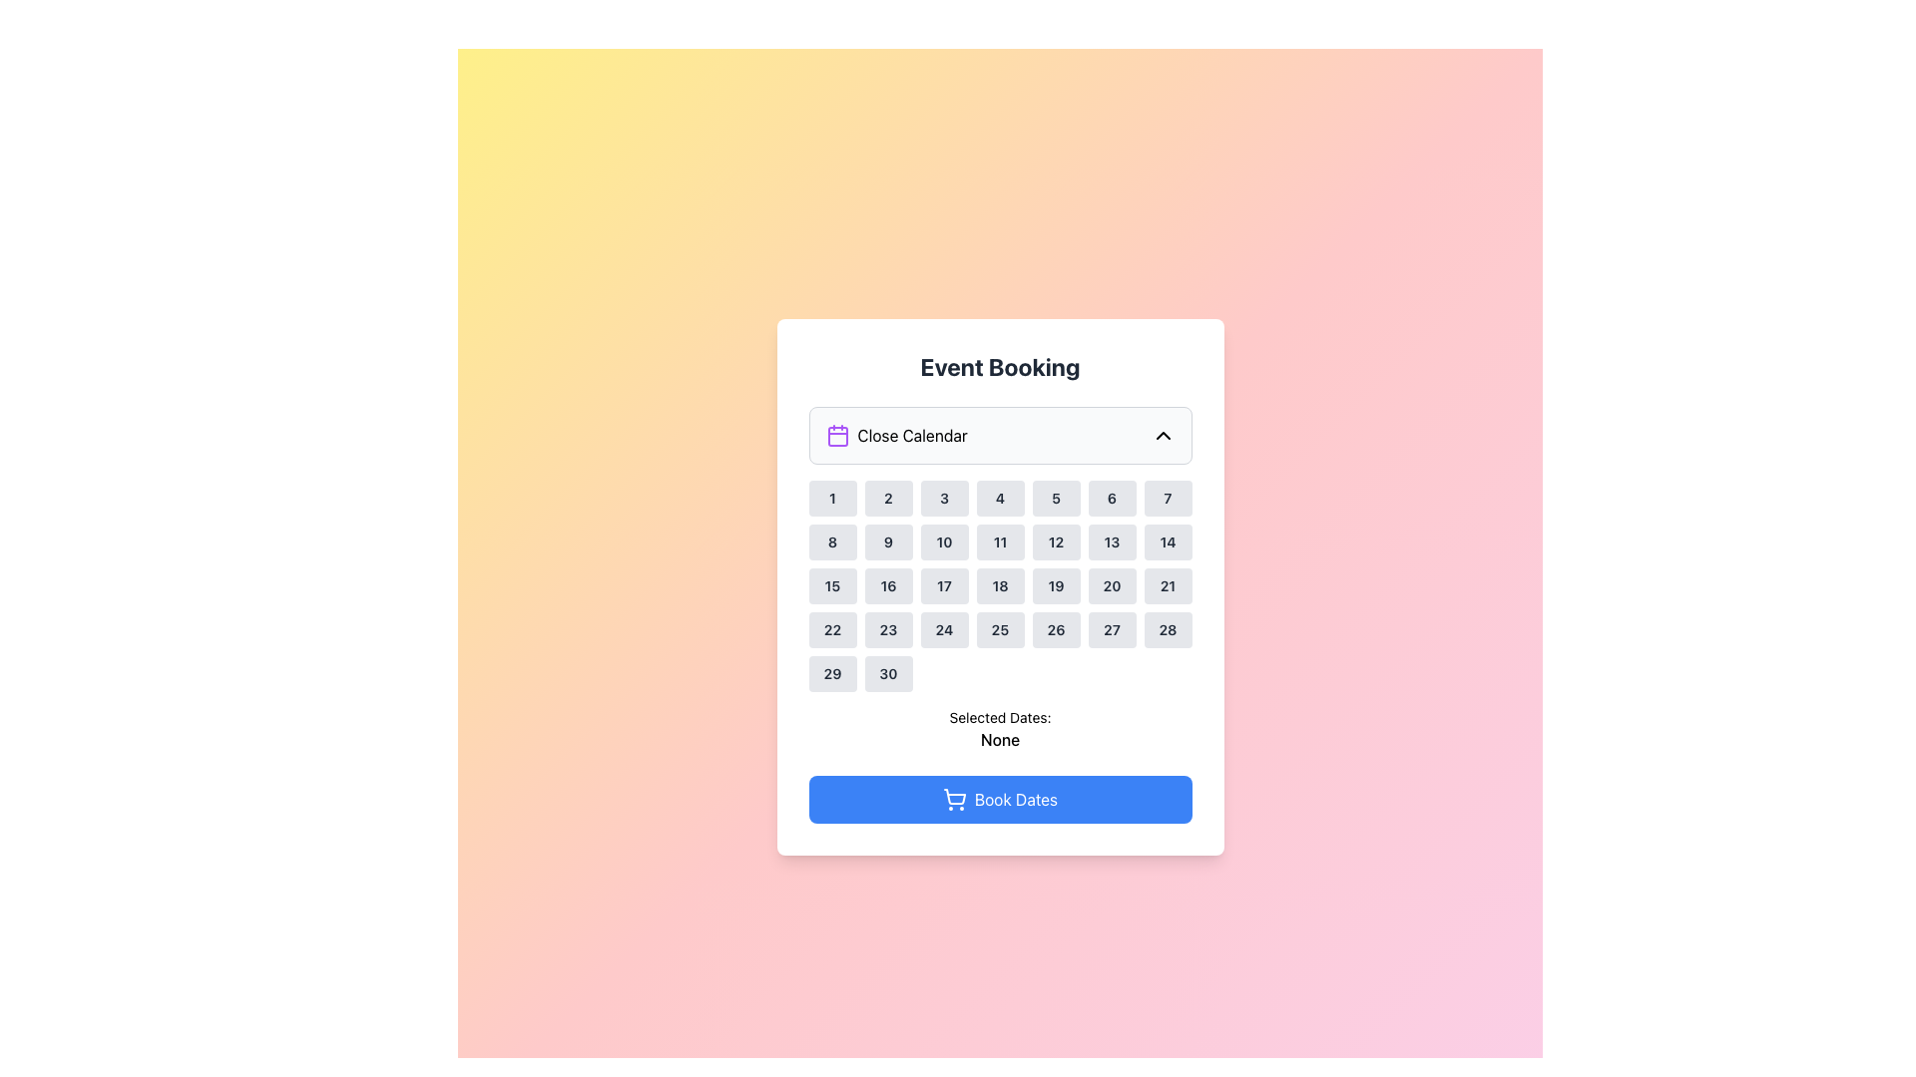 The width and height of the screenshot is (1916, 1077). What do you see at coordinates (1000, 739) in the screenshot?
I see `the text label displaying 'None' in bold font, located below 'Selected Dates:' and above the 'Book Dates' button` at bounding box center [1000, 739].